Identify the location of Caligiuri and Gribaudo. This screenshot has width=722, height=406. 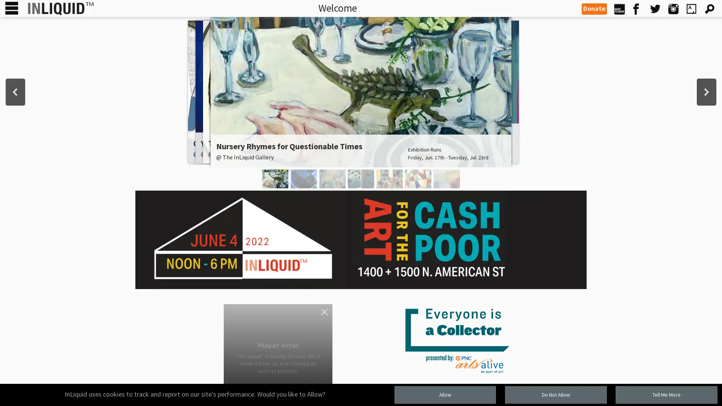
(418, 179).